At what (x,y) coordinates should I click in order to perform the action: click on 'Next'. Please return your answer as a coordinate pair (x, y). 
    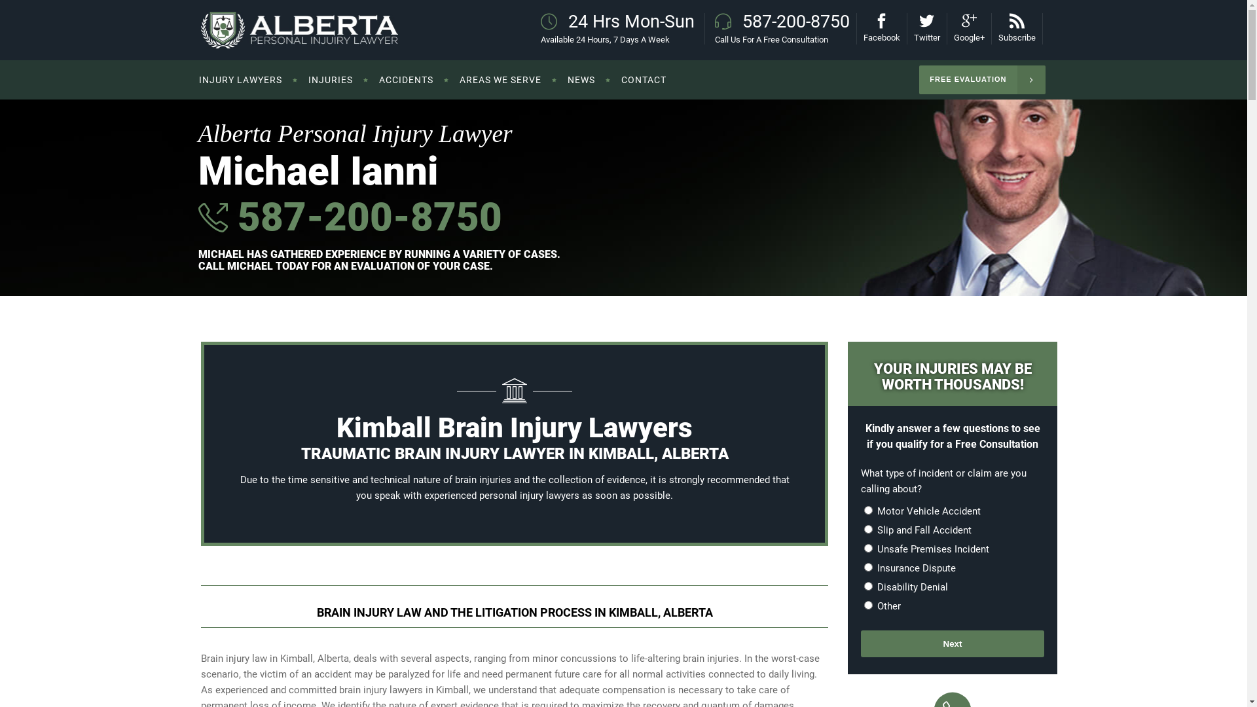
    Looking at the image, I should click on (952, 643).